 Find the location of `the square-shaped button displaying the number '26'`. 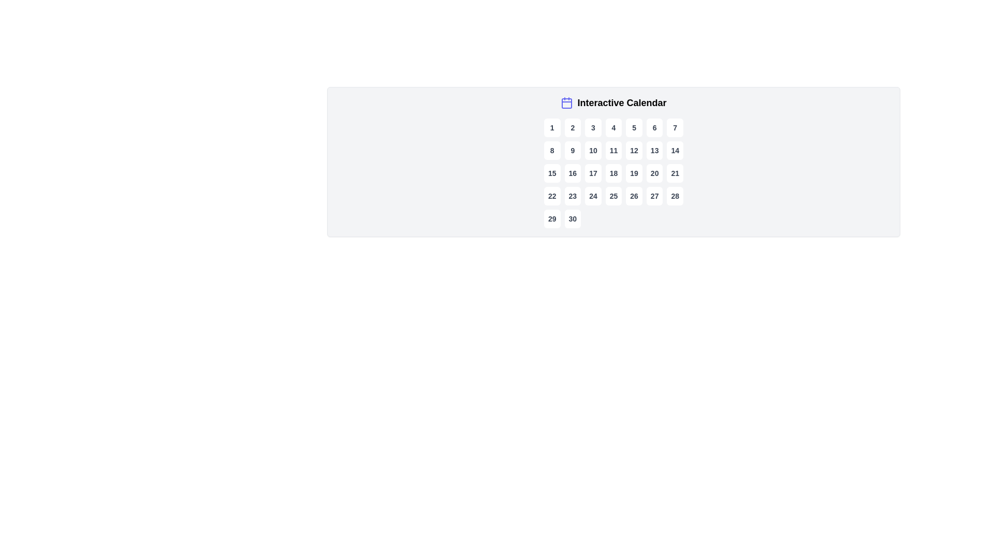

the square-shaped button displaying the number '26' is located at coordinates (634, 196).